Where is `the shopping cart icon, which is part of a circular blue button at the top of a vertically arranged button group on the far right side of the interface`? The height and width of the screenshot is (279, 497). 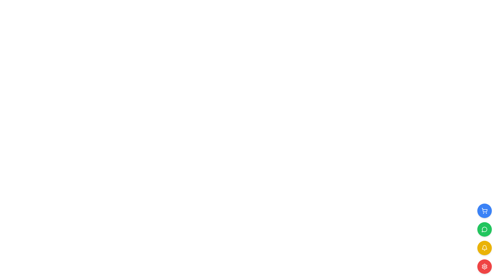 the shopping cart icon, which is part of a circular blue button at the top of a vertically arranged button group on the far right side of the interface is located at coordinates (484, 211).